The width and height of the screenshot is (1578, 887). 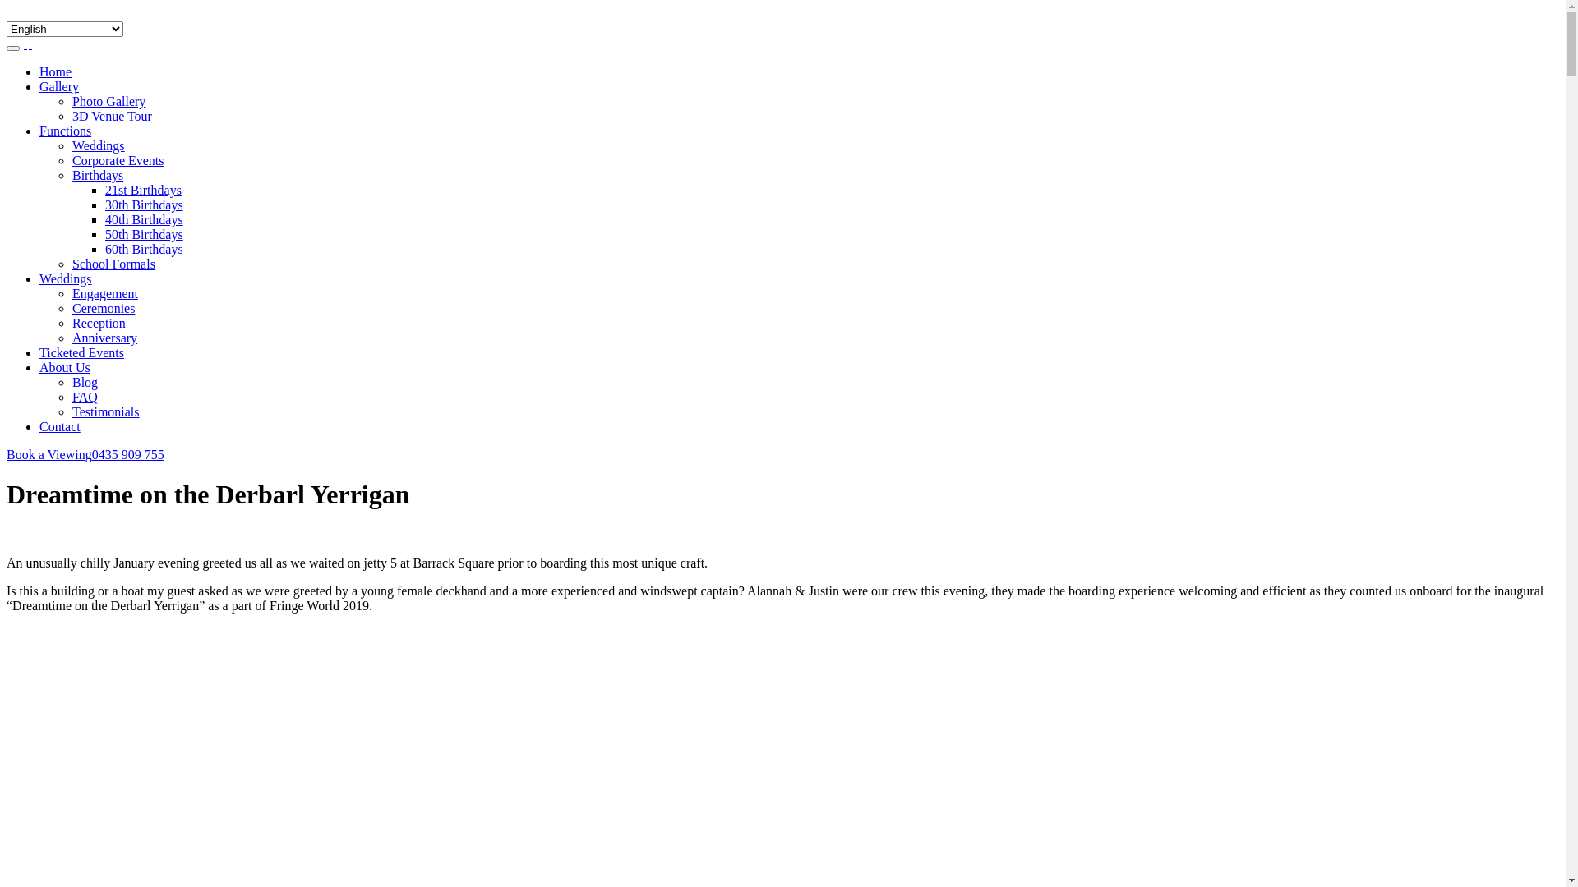 What do you see at coordinates (59, 425) in the screenshot?
I see `'Contact'` at bounding box center [59, 425].